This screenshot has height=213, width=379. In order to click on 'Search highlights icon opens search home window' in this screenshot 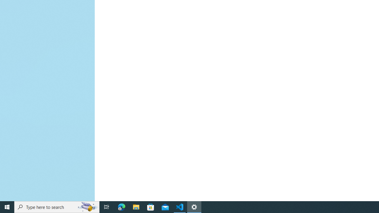, I will do `click(87, 206)`.